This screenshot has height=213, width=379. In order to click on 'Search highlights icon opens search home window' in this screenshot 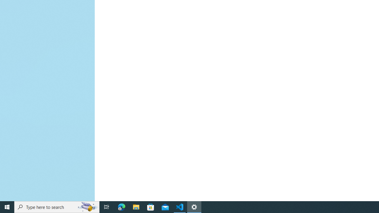, I will do `click(87, 206)`.